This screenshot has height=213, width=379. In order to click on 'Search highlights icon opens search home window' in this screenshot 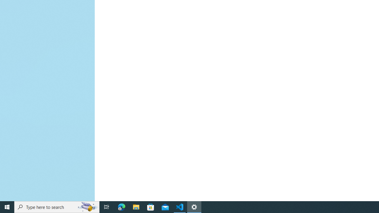, I will do `click(87, 206)`.